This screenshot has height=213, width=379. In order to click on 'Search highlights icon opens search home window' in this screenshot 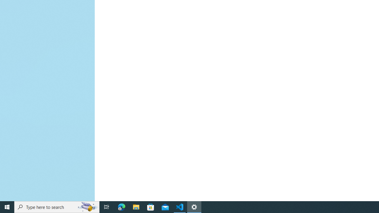, I will do `click(87, 206)`.